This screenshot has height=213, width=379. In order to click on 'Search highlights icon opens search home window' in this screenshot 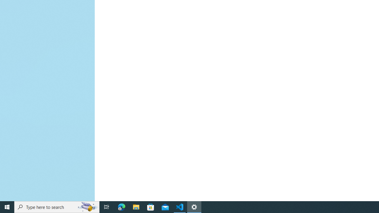, I will do `click(87, 206)`.